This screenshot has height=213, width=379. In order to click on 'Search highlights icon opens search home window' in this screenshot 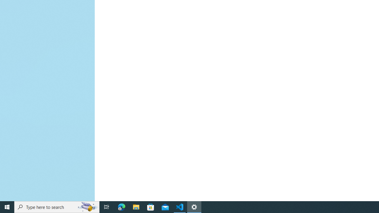, I will do `click(87, 206)`.